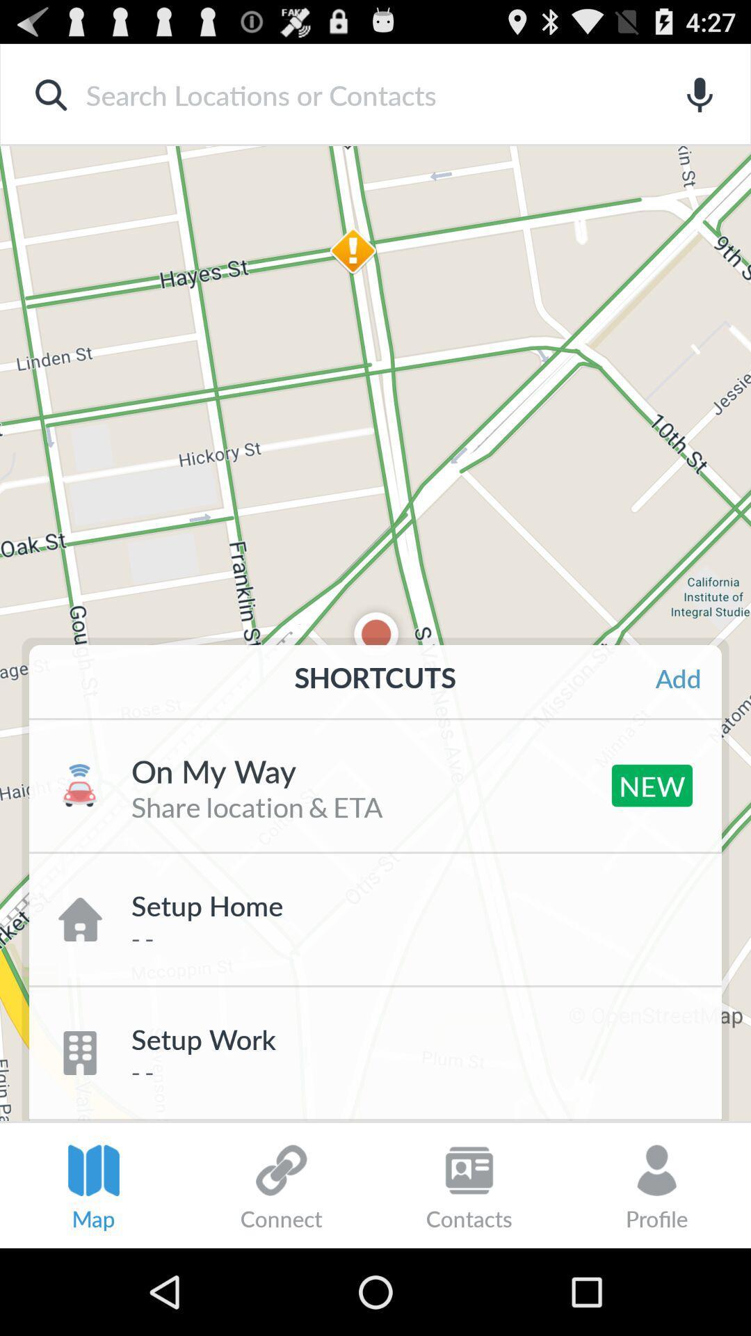  What do you see at coordinates (700, 101) in the screenshot?
I see `the microphone icon` at bounding box center [700, 101].